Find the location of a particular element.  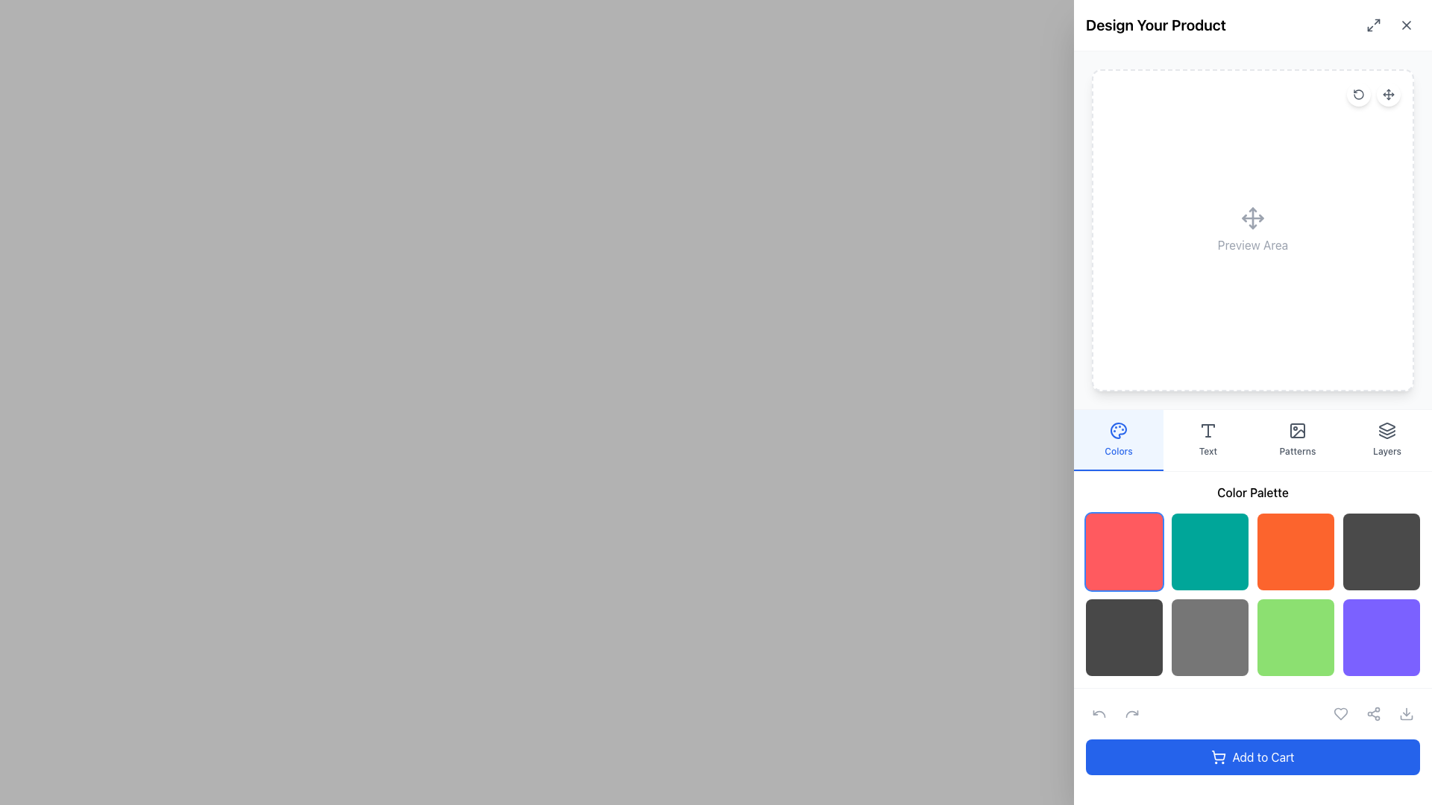

the icon resembling stacked layers, styled with a minimal outline in gray color, located in the 'Layers' section of the toolbar at the top-right of the interface is located at coordinates (1387, 431).